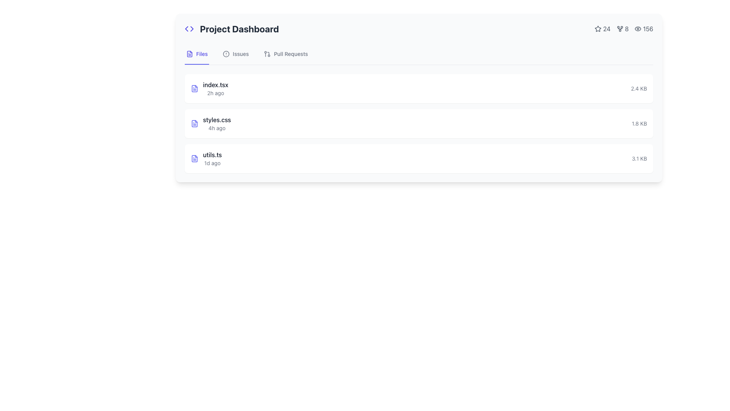 The height and width of the screenshot is (411, 730). I want to click on the first navigation link under the 'Project Dashboard' title, so click(197, 54).